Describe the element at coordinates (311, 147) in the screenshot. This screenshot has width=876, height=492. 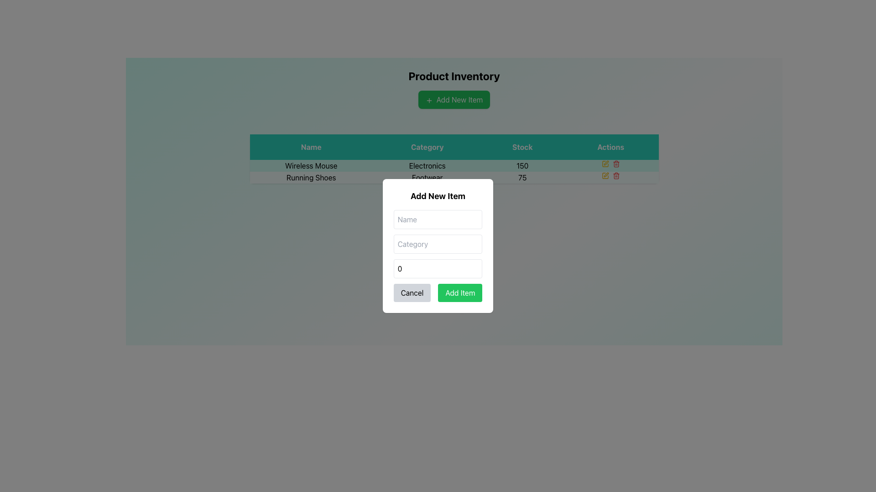
I see `the text label displaying 'Name', which is styled with a bold white font on a green background and is positioned at the top-left of a table` at that location.